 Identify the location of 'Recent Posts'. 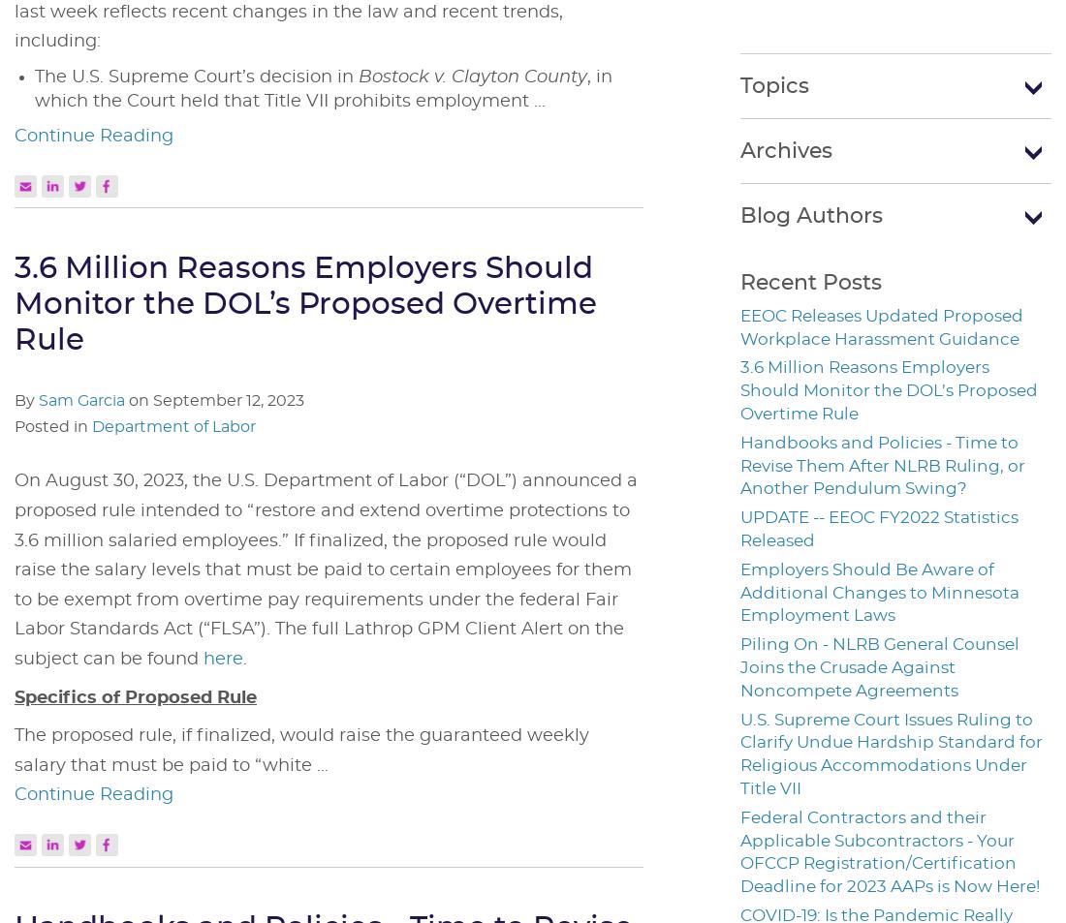
(809, 281).